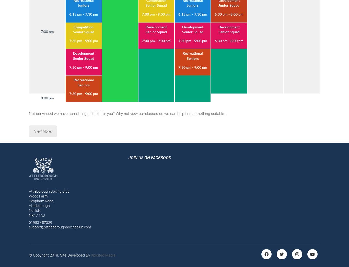  Describe the element at coordinates (47, 97) in the screenshot. I see `'8:00 pm'` at that location.